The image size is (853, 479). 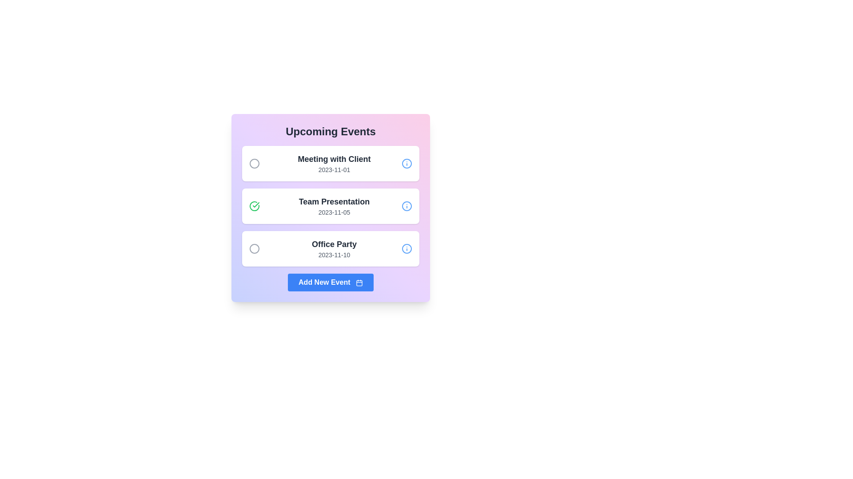 I want to click on the primary title of the third item in the vertical list of upcoming events, so click(x=334, y=244).